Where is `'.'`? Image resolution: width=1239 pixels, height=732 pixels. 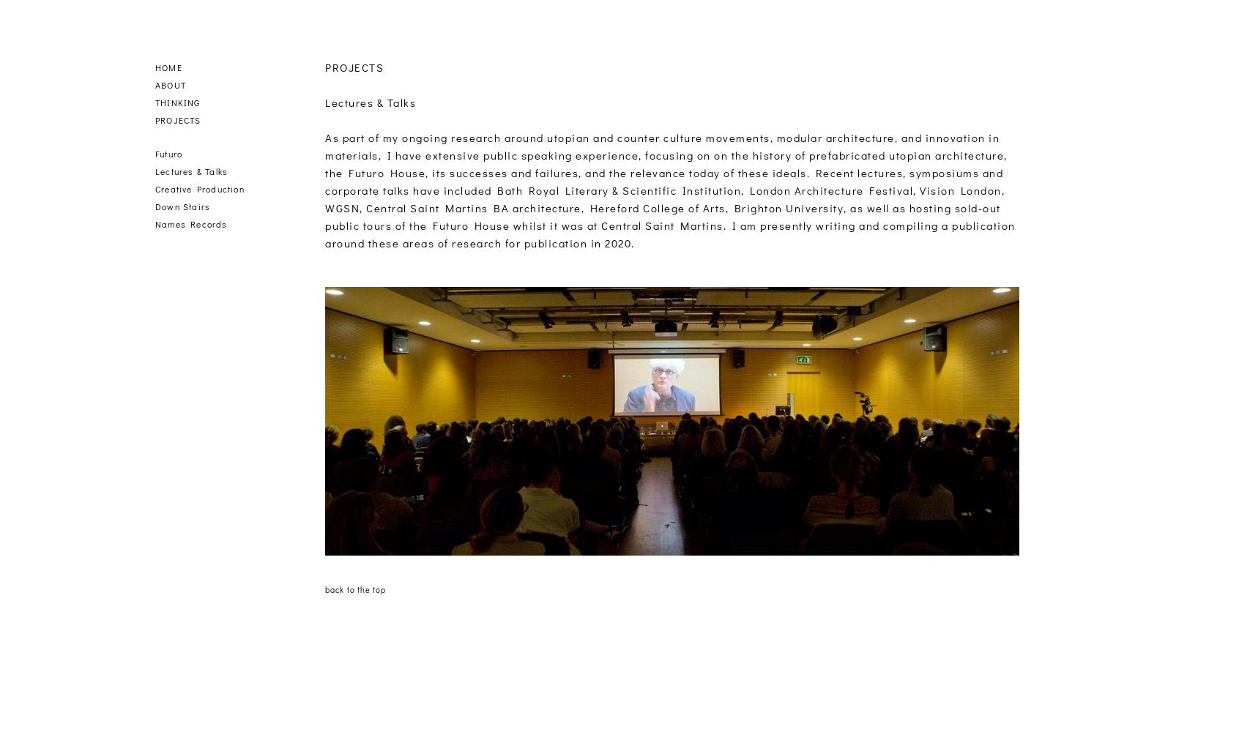 '.' is located at coordinates (631, 242).